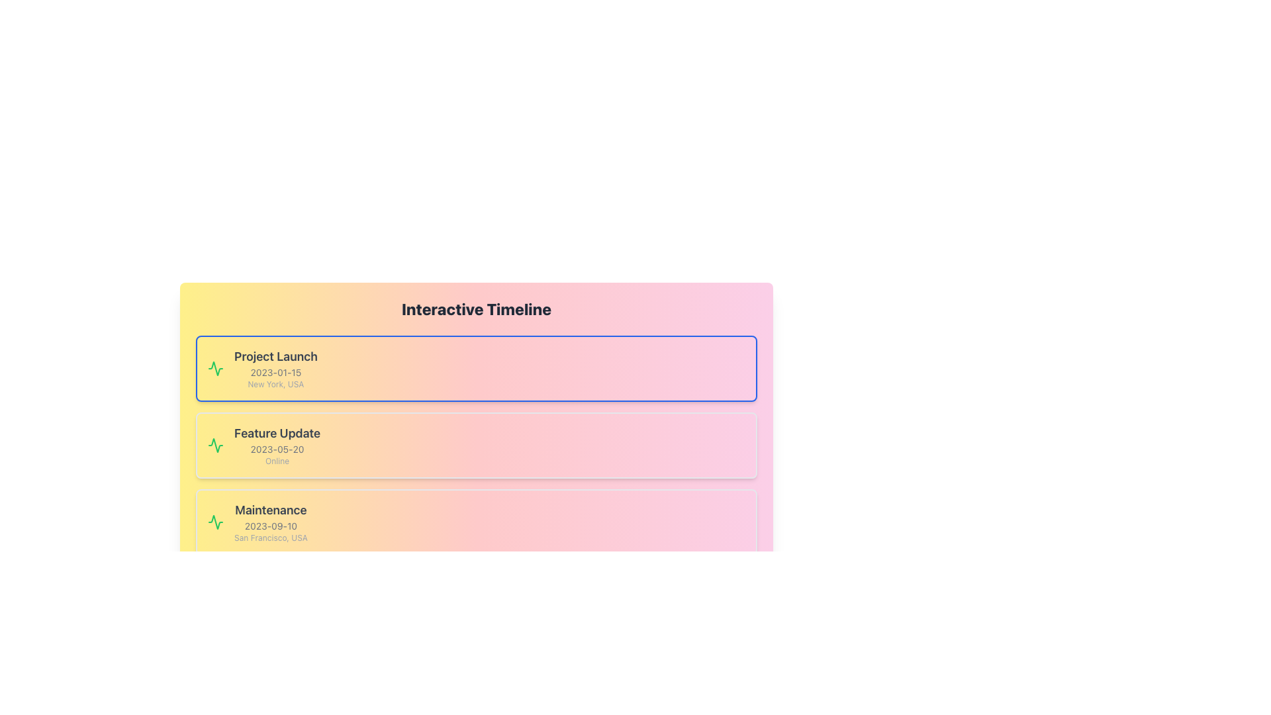 The image size is (1271, 715). What do you see at coordinates (277, 445) in the screenshot?
I see `the text block that describes the 'Feature Update' event that occurred on '2023-05-20' in the 'Interactive Timeline' section, located below the 'Project Launch' event` at bounding box center [277, 445].